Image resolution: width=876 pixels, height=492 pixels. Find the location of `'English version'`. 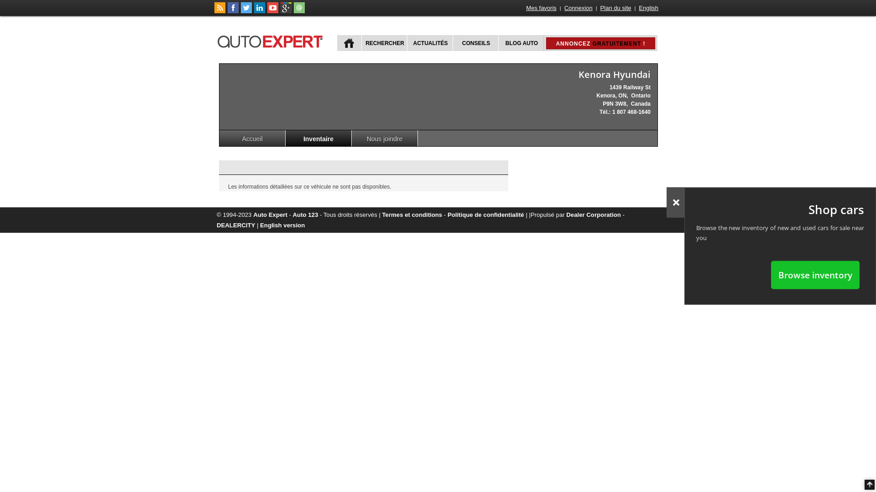

'English version' is located at coordinates (282, 225).